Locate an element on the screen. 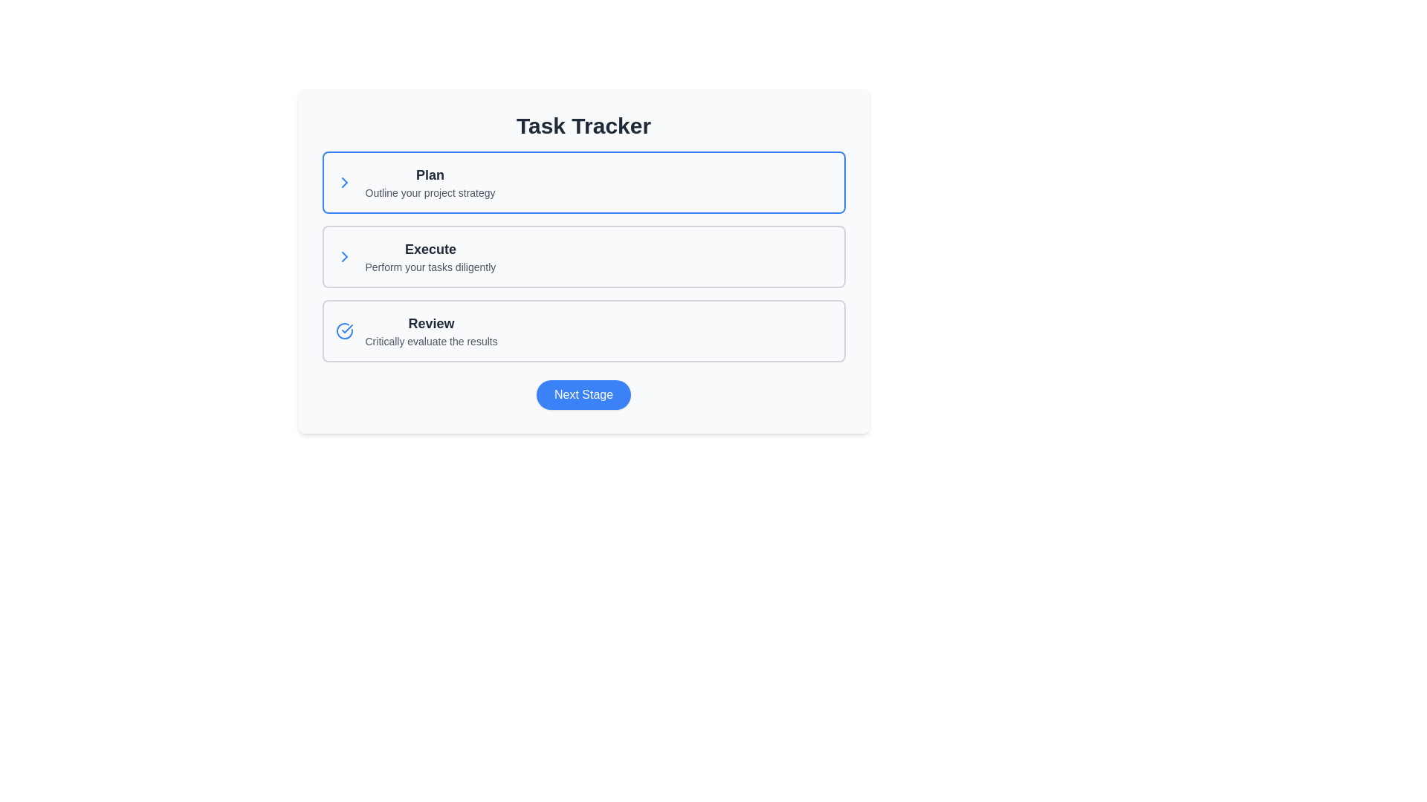 The width and height of the screenshot is (1427, 802). the icon located at the leftmost side of the 'Execute' task panel is located at coordinates (343, 256).